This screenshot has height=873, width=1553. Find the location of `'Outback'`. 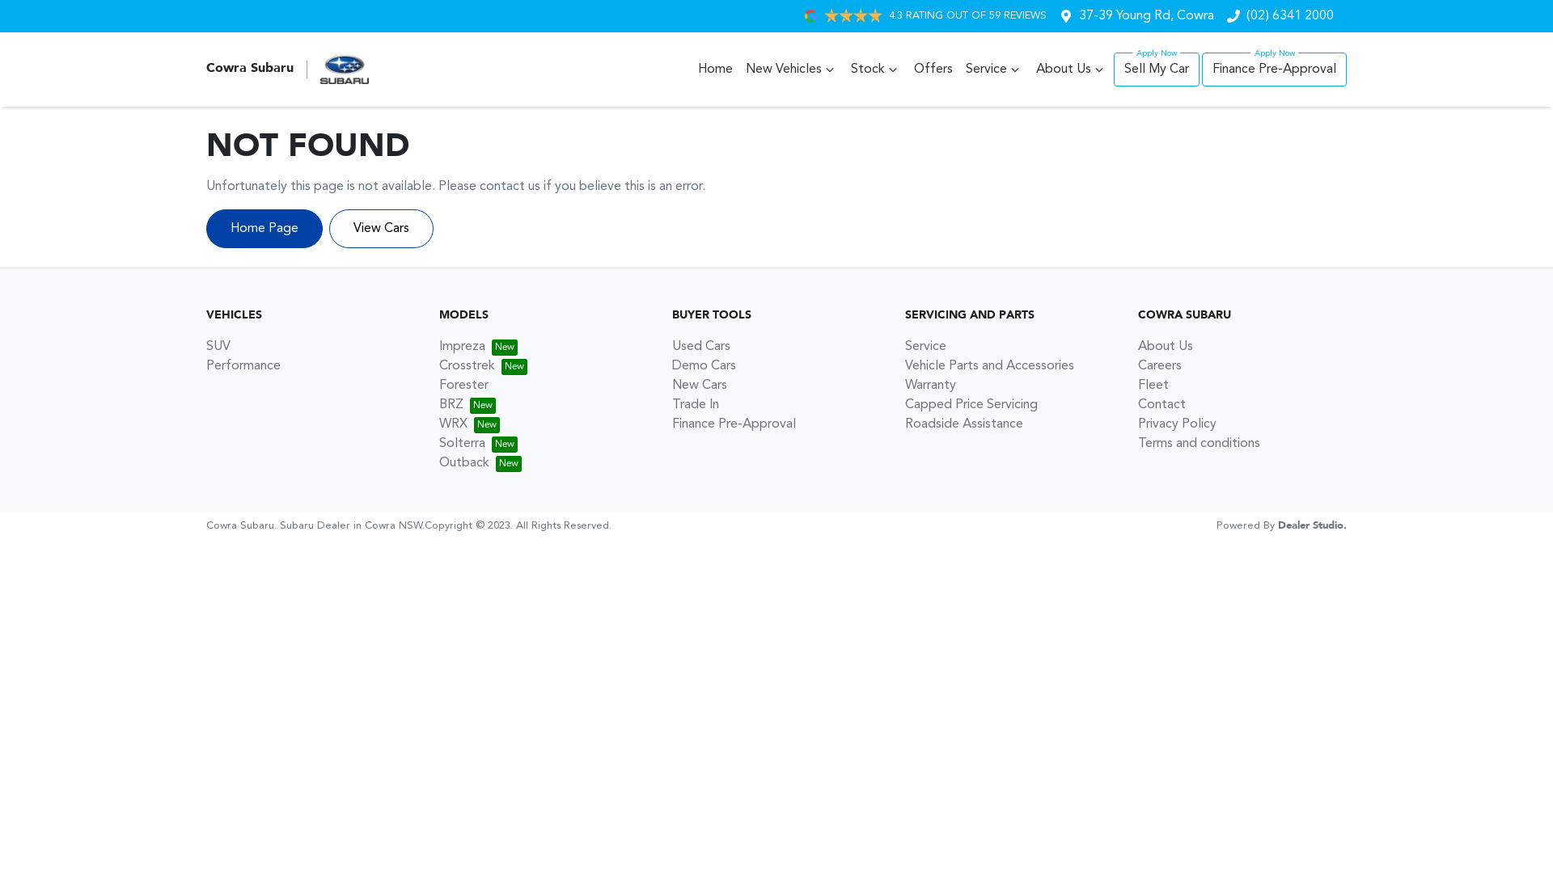

'Outback' is located at coordinates (438, 463).